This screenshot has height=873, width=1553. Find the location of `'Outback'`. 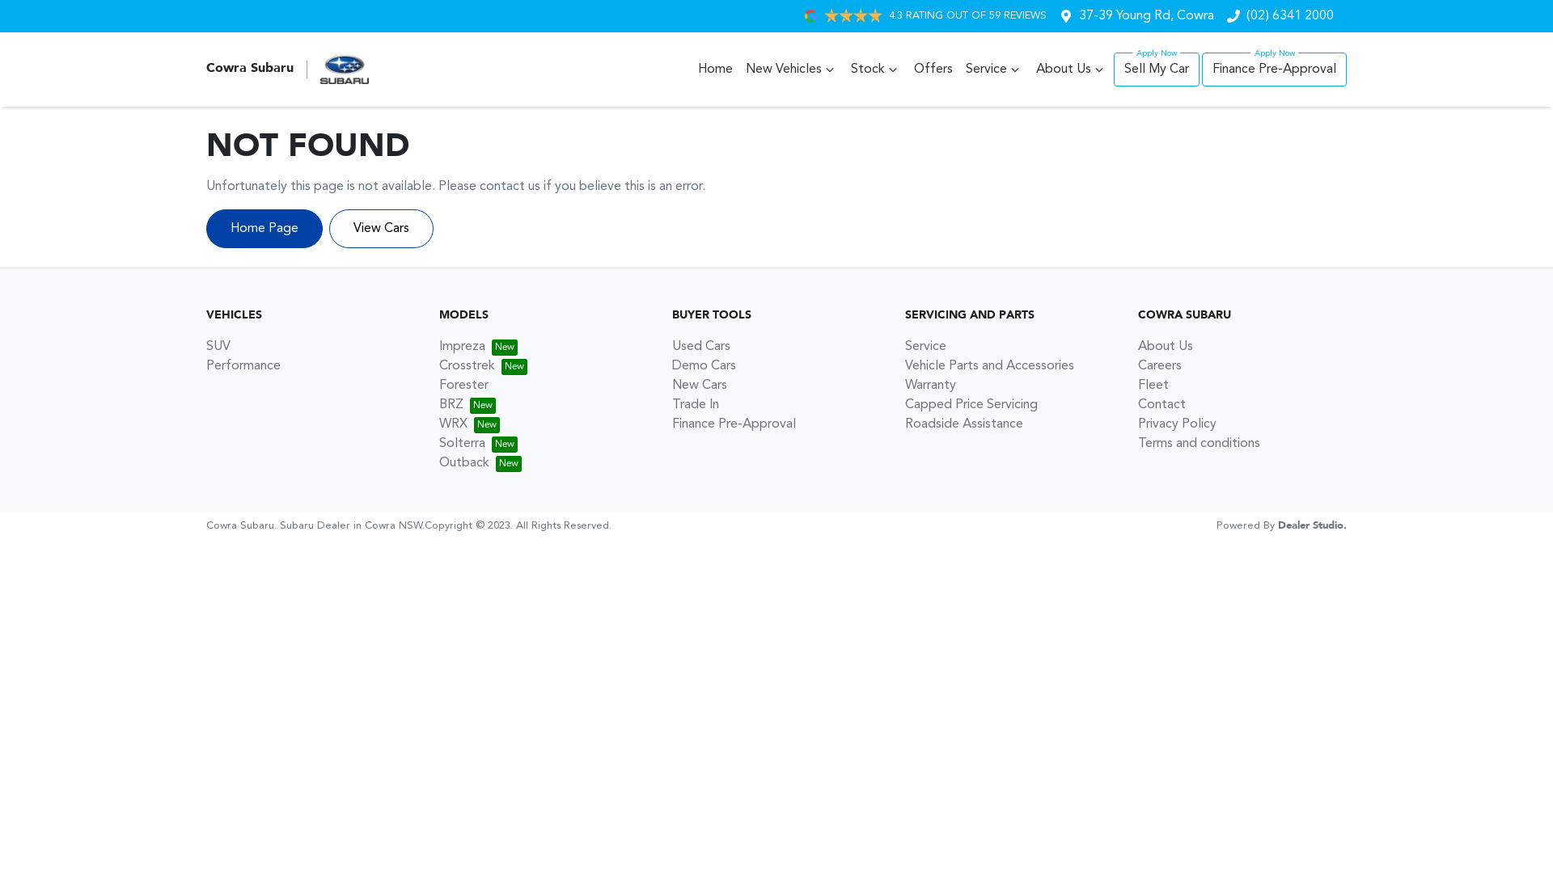

'Outback' is located at coordinates (438, 463).